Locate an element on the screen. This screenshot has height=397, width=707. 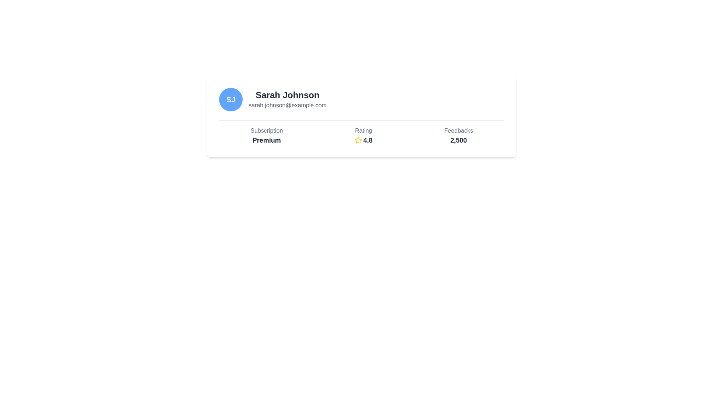
the 'Premium' subscription label located in the leftmost section of the card-like structure, which is the first of three vertically aligned text items is located at coordinates (266, 136).